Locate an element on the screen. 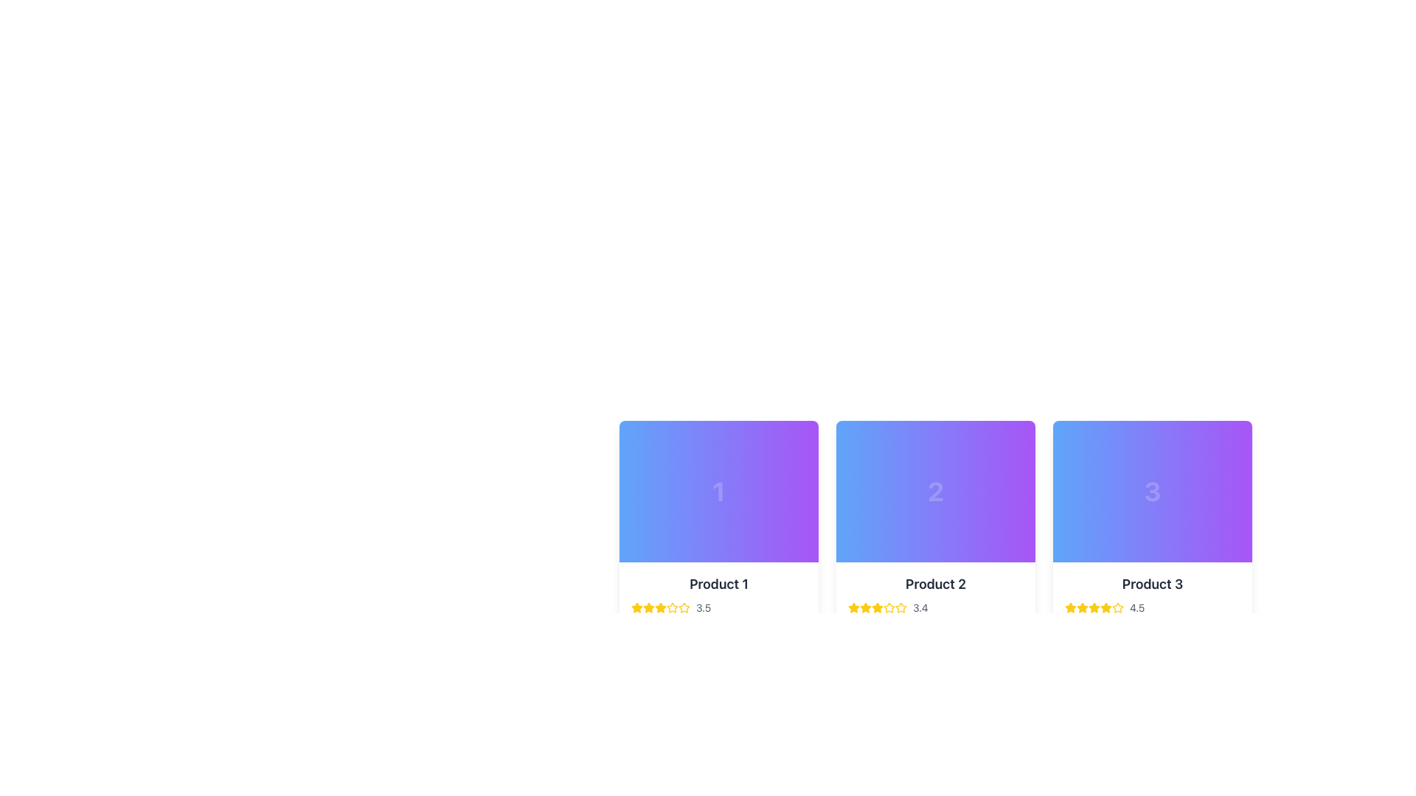 The height and width of the screenshot is (796, 1416). the first yellow star icon under the 'Product 2' title is located at coordinates (853, 608).